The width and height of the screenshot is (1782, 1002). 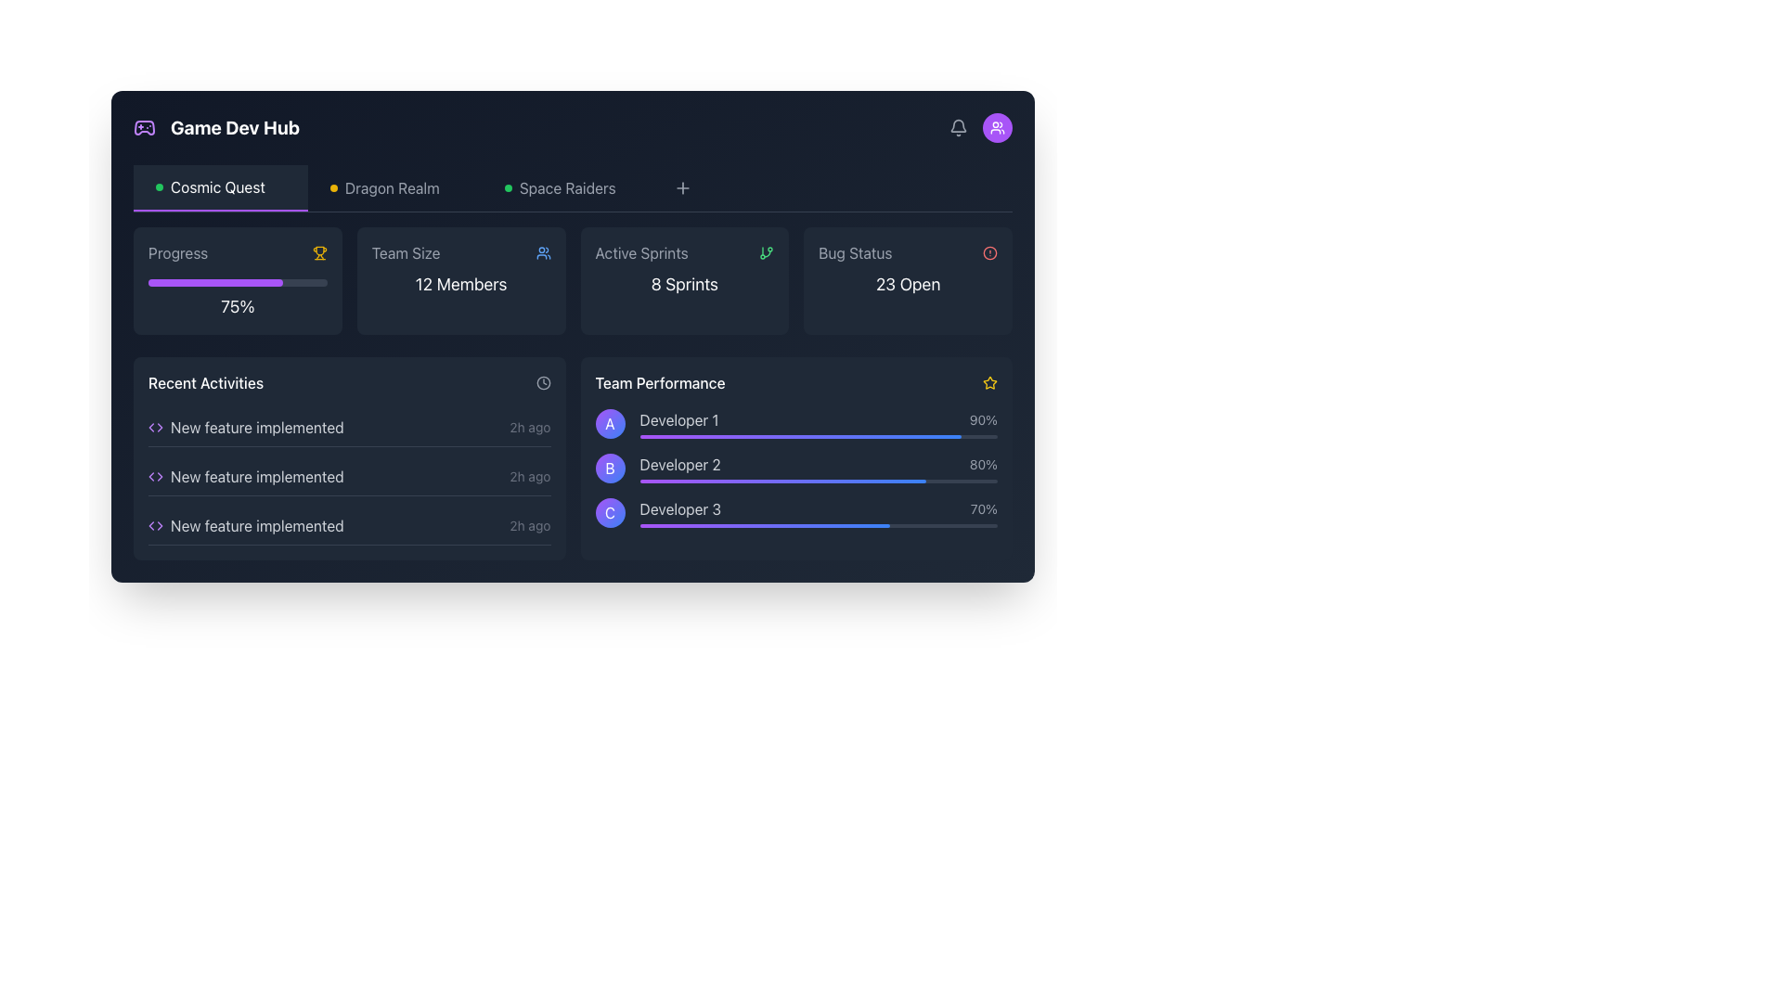 What do you see at coordinates (782, 481) in the screenshot?
I see `gradient progress bar representing 'Developer 2's performance, which is located within the 'Team Performance' section of the dashboard` at bounding box center [782, 481].